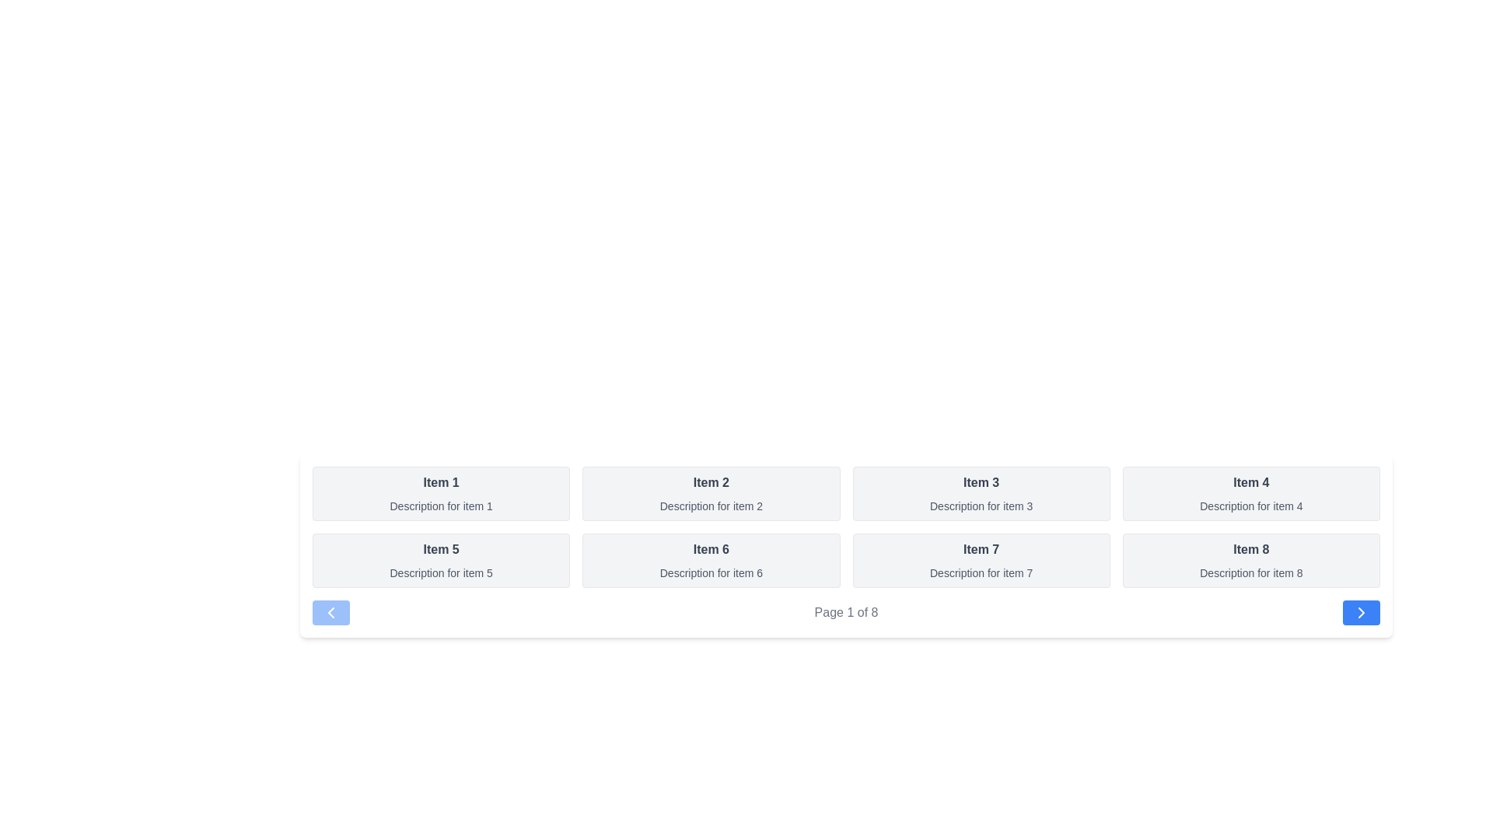  Describe the element at coordinates (1251, 572) in the screenshot. I see `the descriptive text label for the 'Item 8' section, which is the second line of text within the panel labeled 'Item 8'` at that location.